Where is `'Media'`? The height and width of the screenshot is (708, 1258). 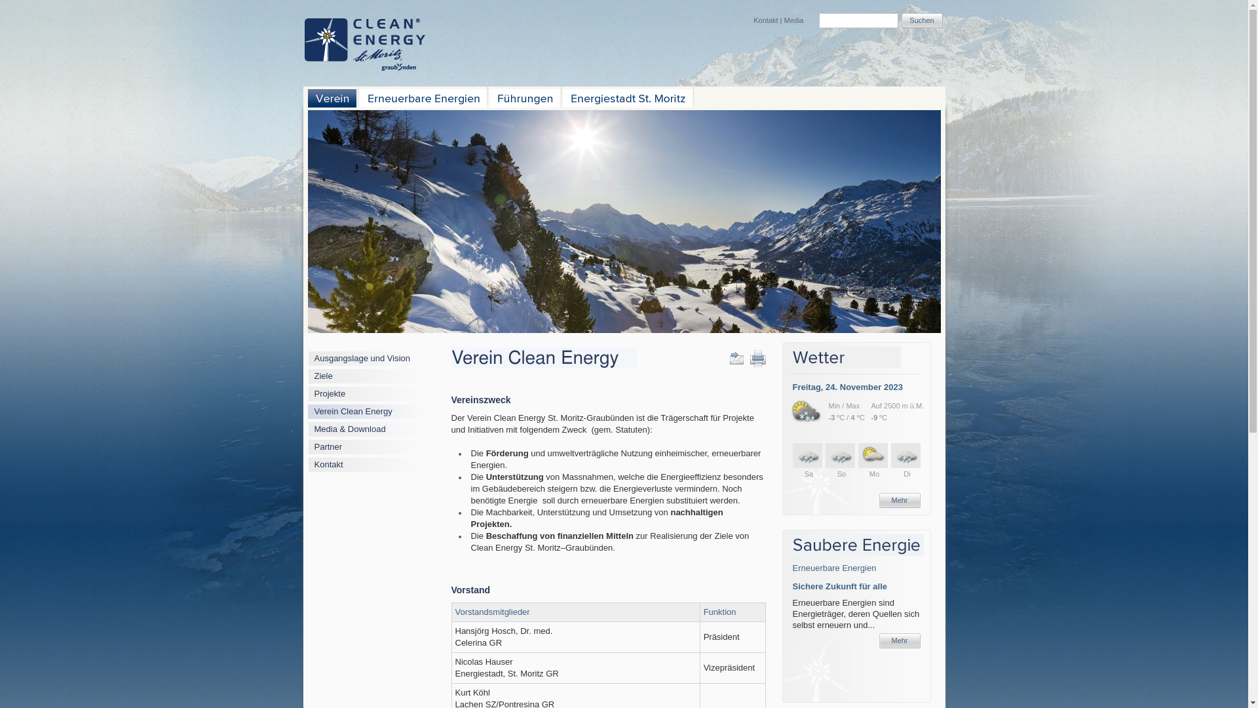 'Media' is located at coordinates (793, 20).